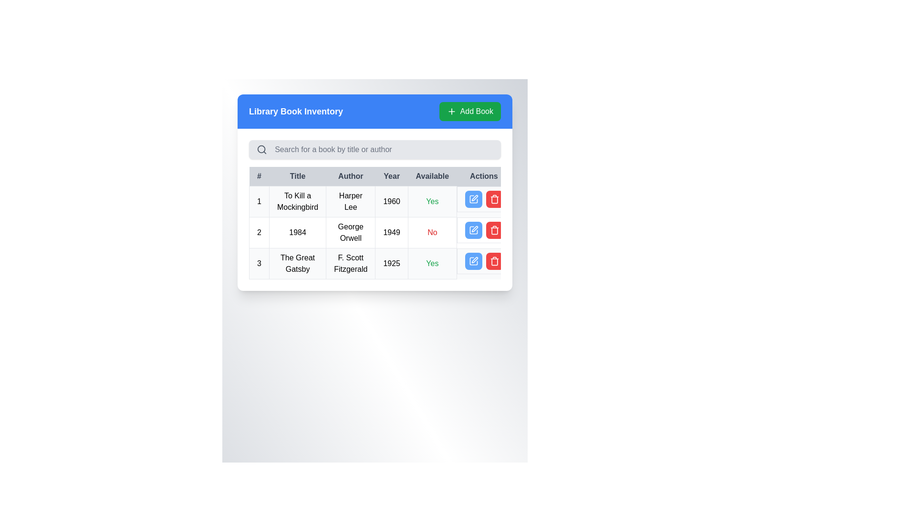  I want to click on the text label displaying the author's name 'F. Scott Fitzgerald' in the third row of the table under the 'Author' column, so click(350, 263).